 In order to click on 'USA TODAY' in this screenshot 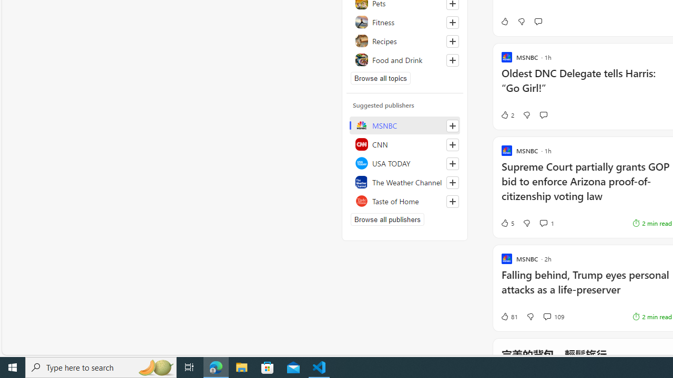, I will do `click(404, 163)`.